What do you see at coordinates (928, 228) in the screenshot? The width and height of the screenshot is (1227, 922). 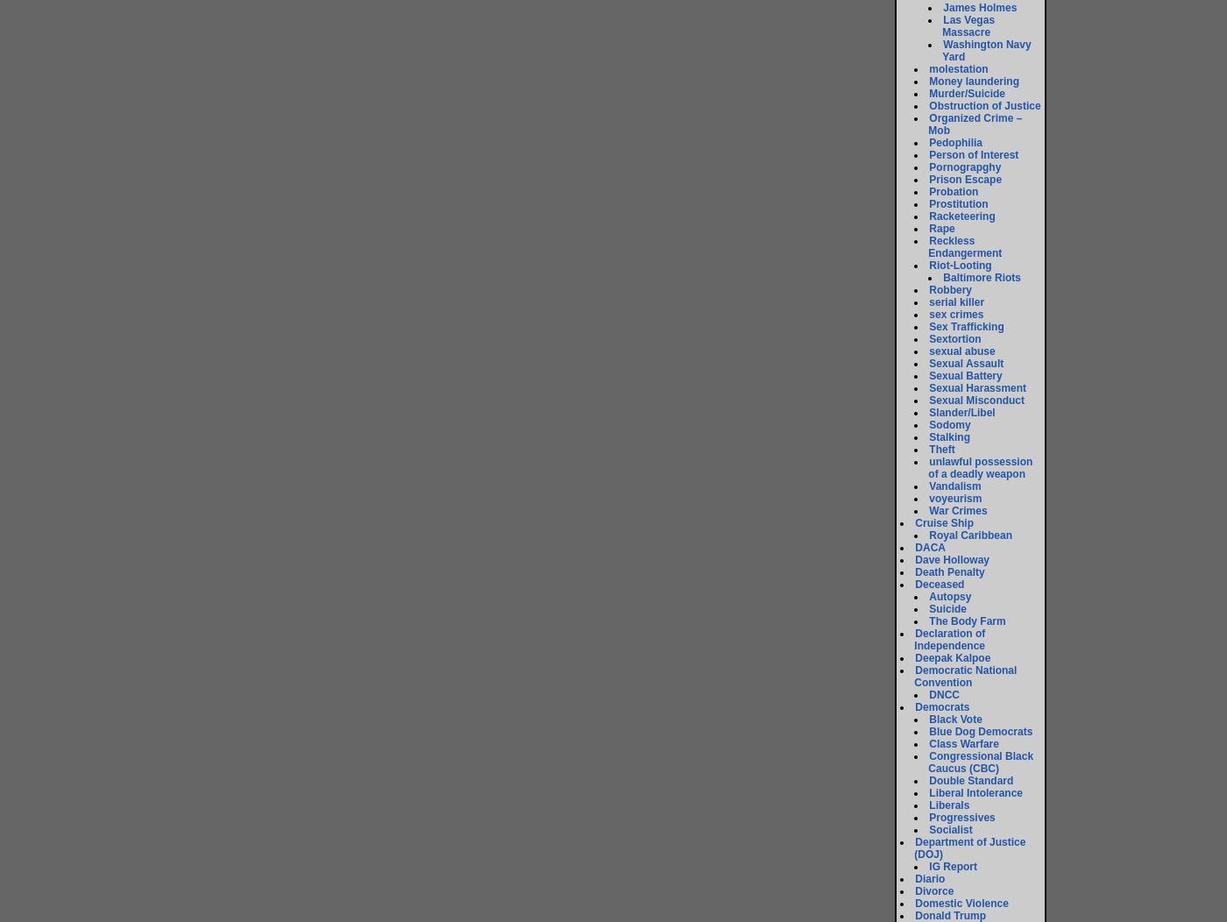 I see `'Rape'` at bounding box center [928, 228].